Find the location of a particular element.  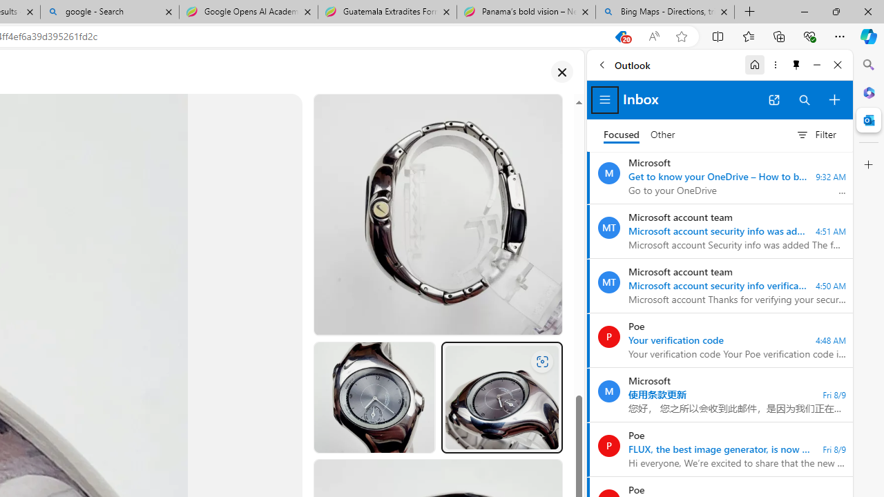

'Folder navigation' is located at coordinates (605, 99).